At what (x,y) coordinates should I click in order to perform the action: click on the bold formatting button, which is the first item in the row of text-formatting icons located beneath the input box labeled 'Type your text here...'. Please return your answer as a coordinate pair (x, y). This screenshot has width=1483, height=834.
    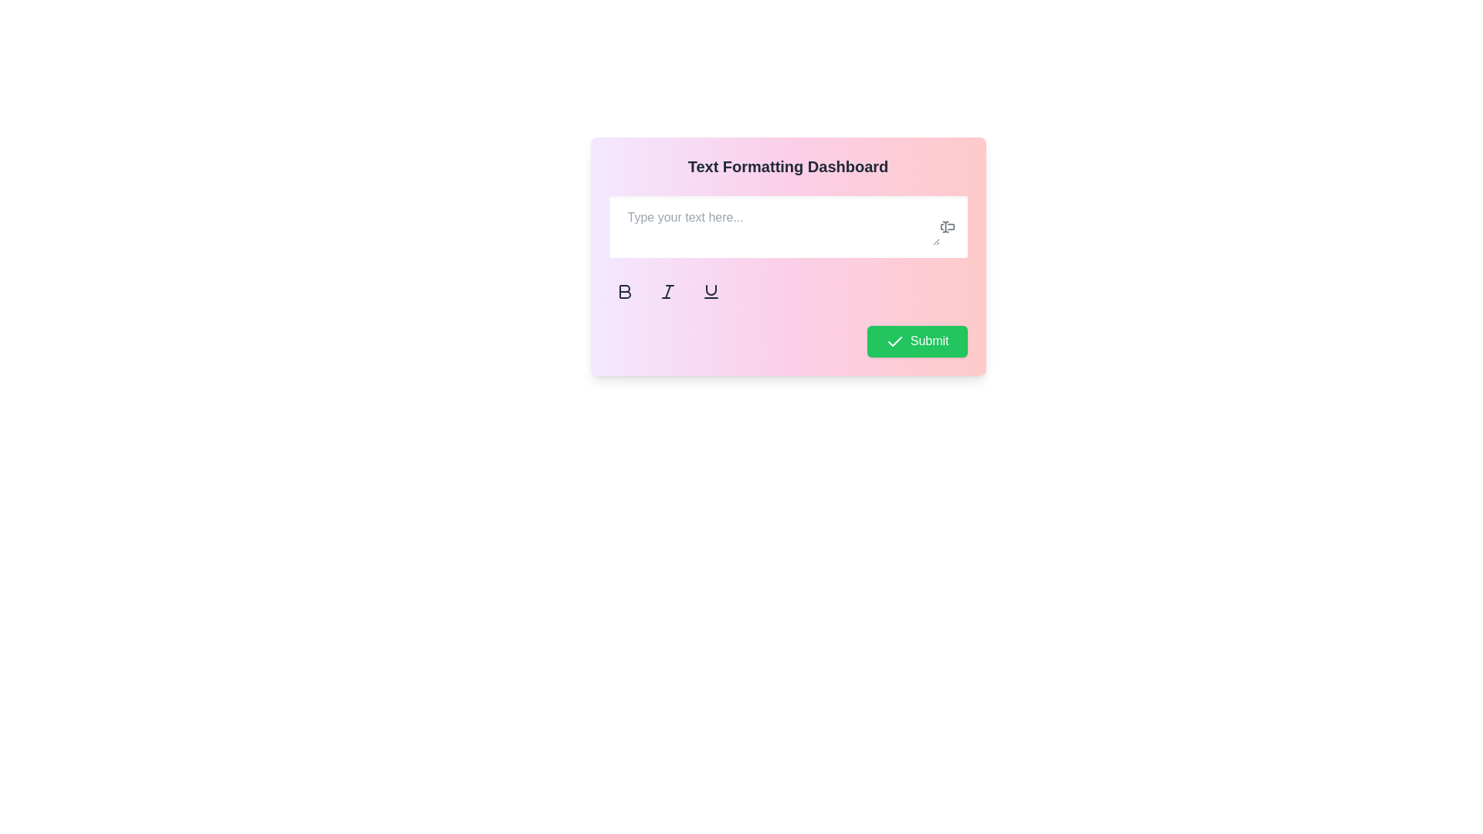
    Looking at the image, I should click on (625, 292).